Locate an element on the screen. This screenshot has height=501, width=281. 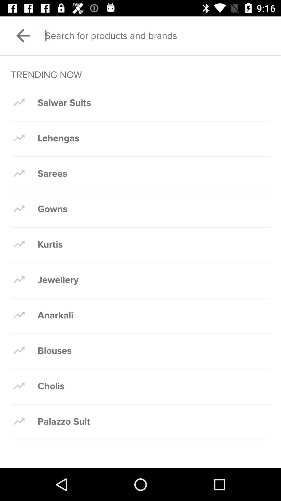
previous page is located at coordinates (23, 35).